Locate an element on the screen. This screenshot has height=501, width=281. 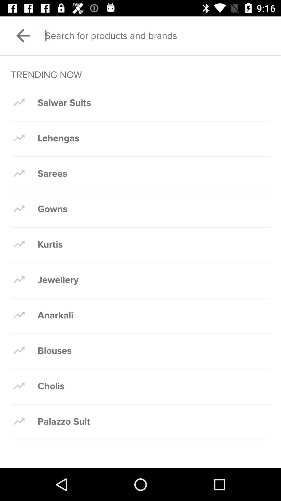
previous page is located at coordinates (23, 35).